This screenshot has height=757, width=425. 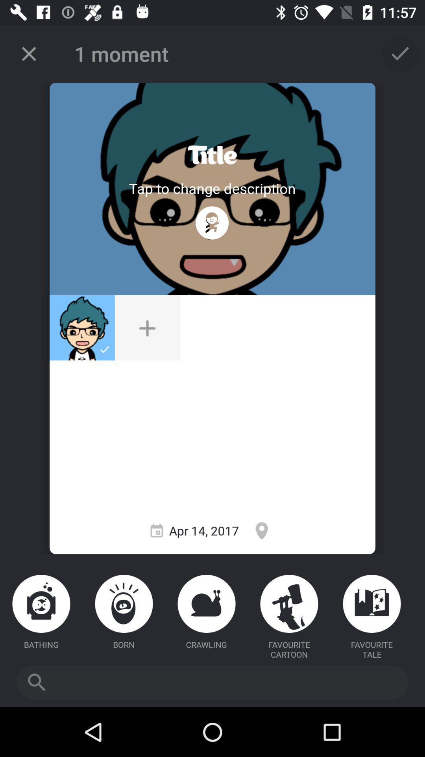 I want to click on the icon next to 1 moment, so click(x=28, y=53).